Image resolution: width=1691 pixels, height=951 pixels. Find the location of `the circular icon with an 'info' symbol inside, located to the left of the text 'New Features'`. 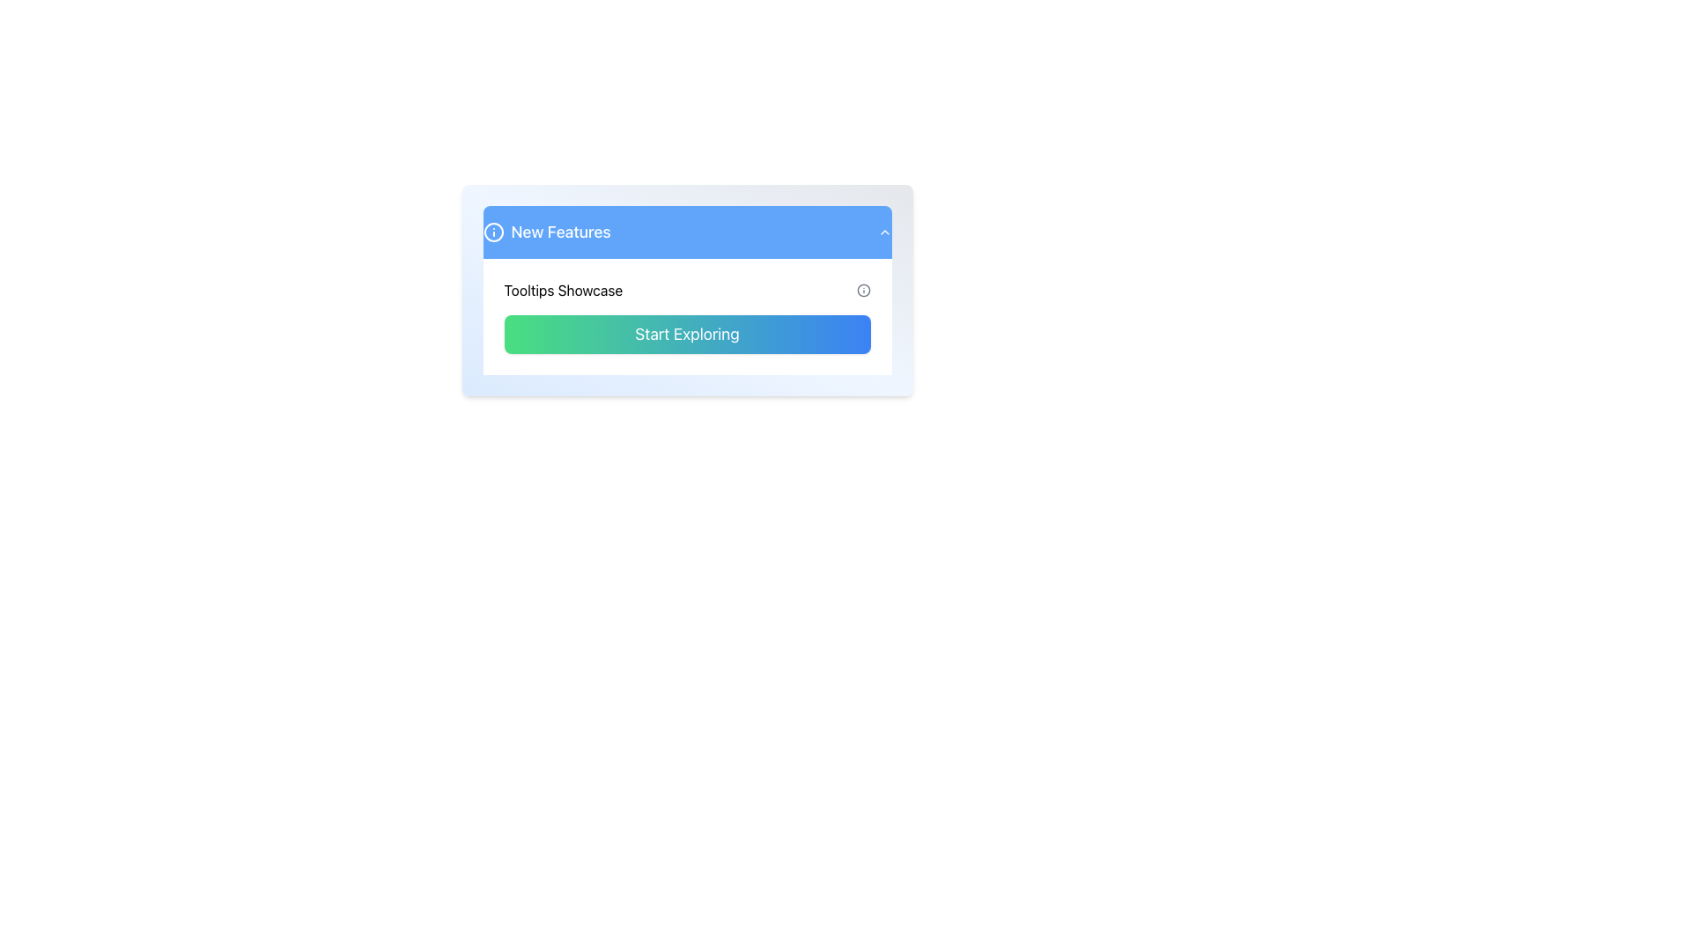

the circular icon with an 'info' symbol inside, located to the left of the text 'New Features' is located at coordinates (493, 231).